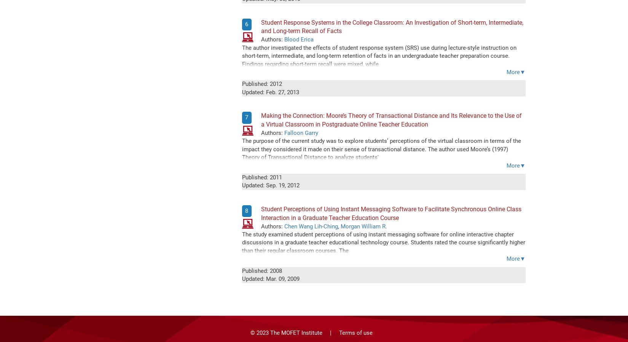 The height and width of the screenshot is (342, 628). I want to click on 'Feb. 27, 2013', so click(282, 92).